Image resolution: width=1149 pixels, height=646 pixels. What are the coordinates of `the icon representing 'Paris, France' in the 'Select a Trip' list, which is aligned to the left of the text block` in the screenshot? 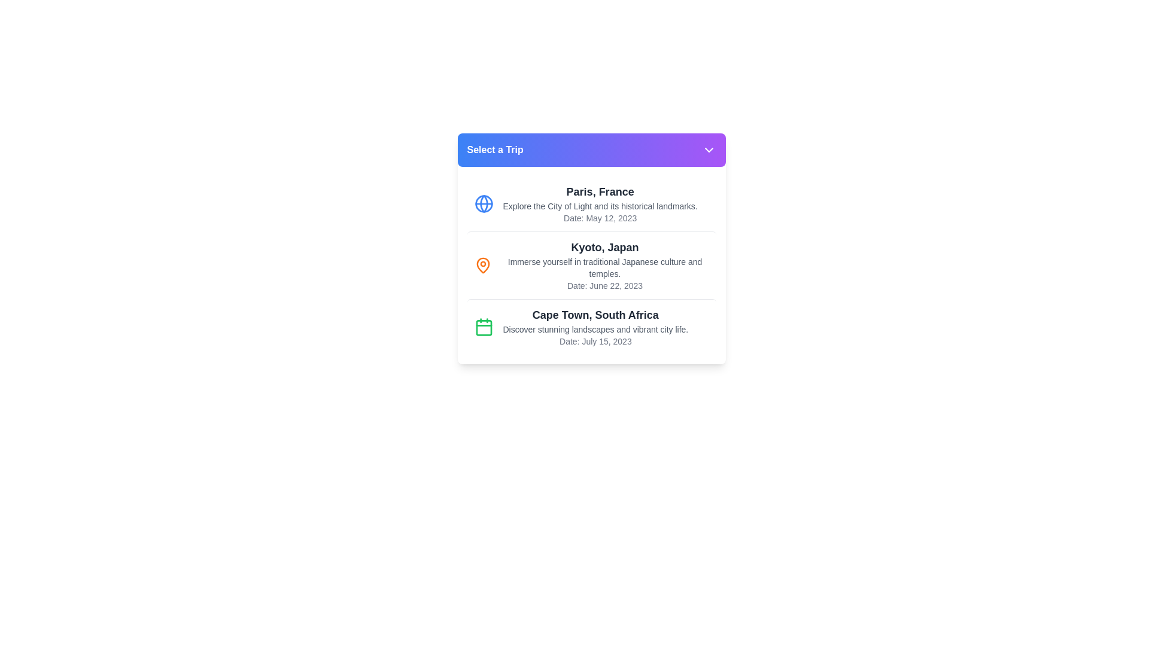 It's located at (484, 203).